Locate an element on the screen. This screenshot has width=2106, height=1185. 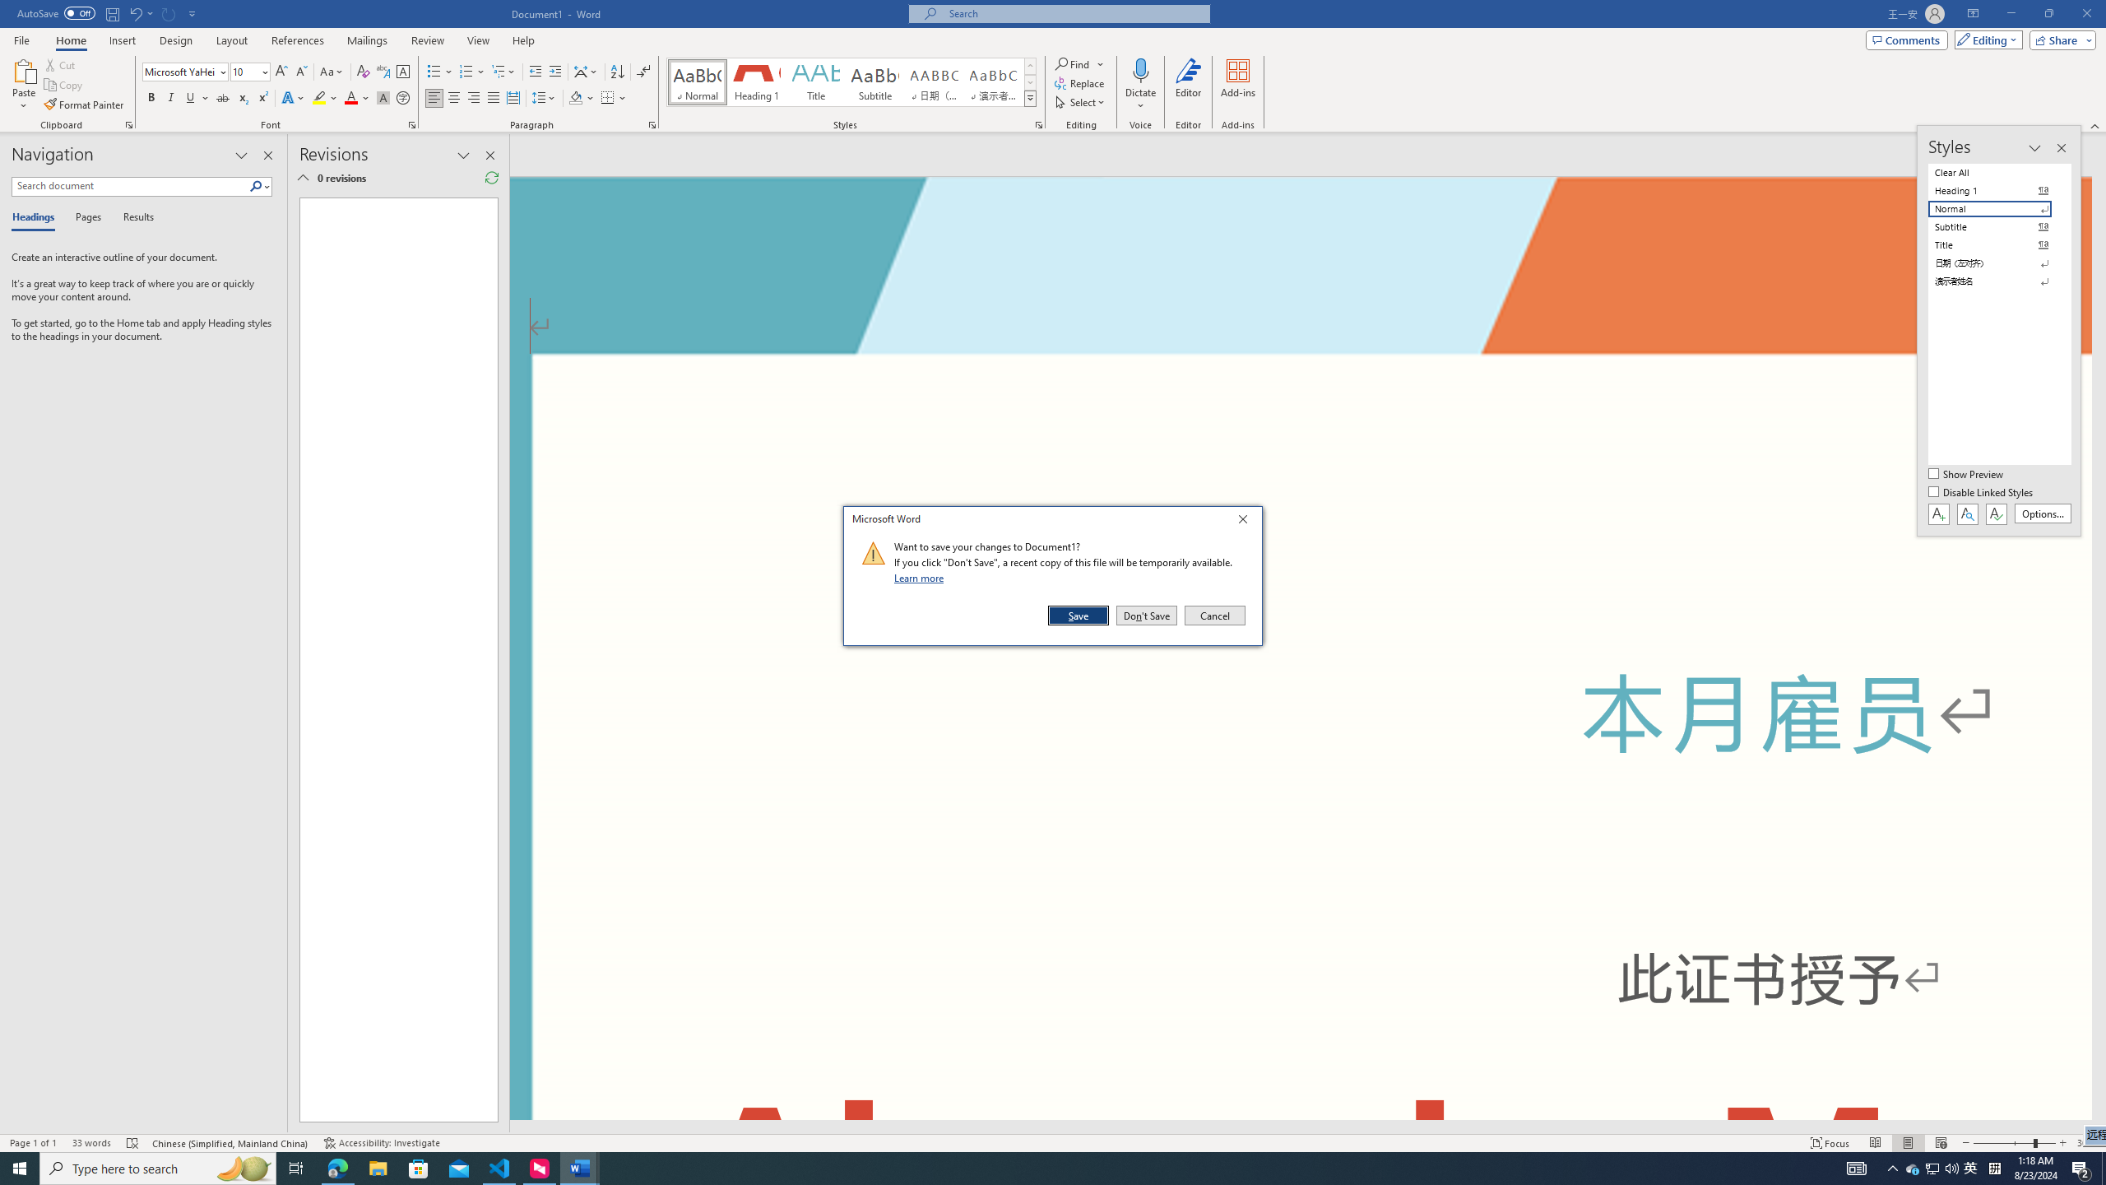
'Show Preview' is located at coordinates (1968, 475).